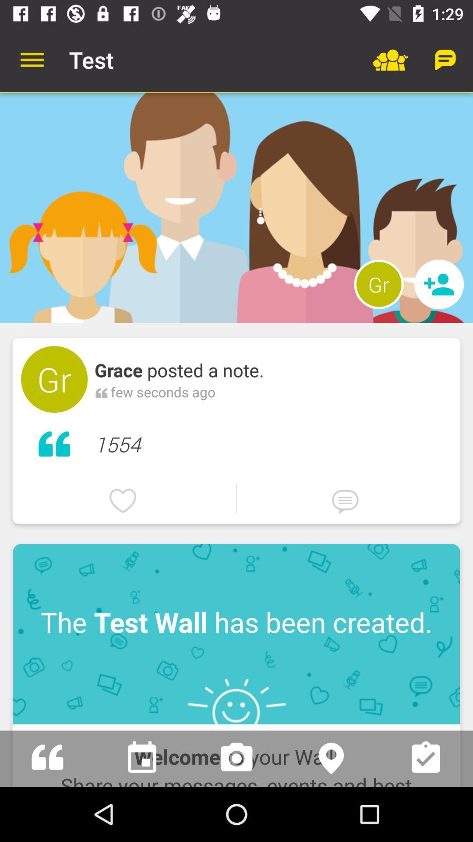  What do you see at coordinates (331, 758) in the screenshot?
I see `location identification` at bounding box center [331, 758].